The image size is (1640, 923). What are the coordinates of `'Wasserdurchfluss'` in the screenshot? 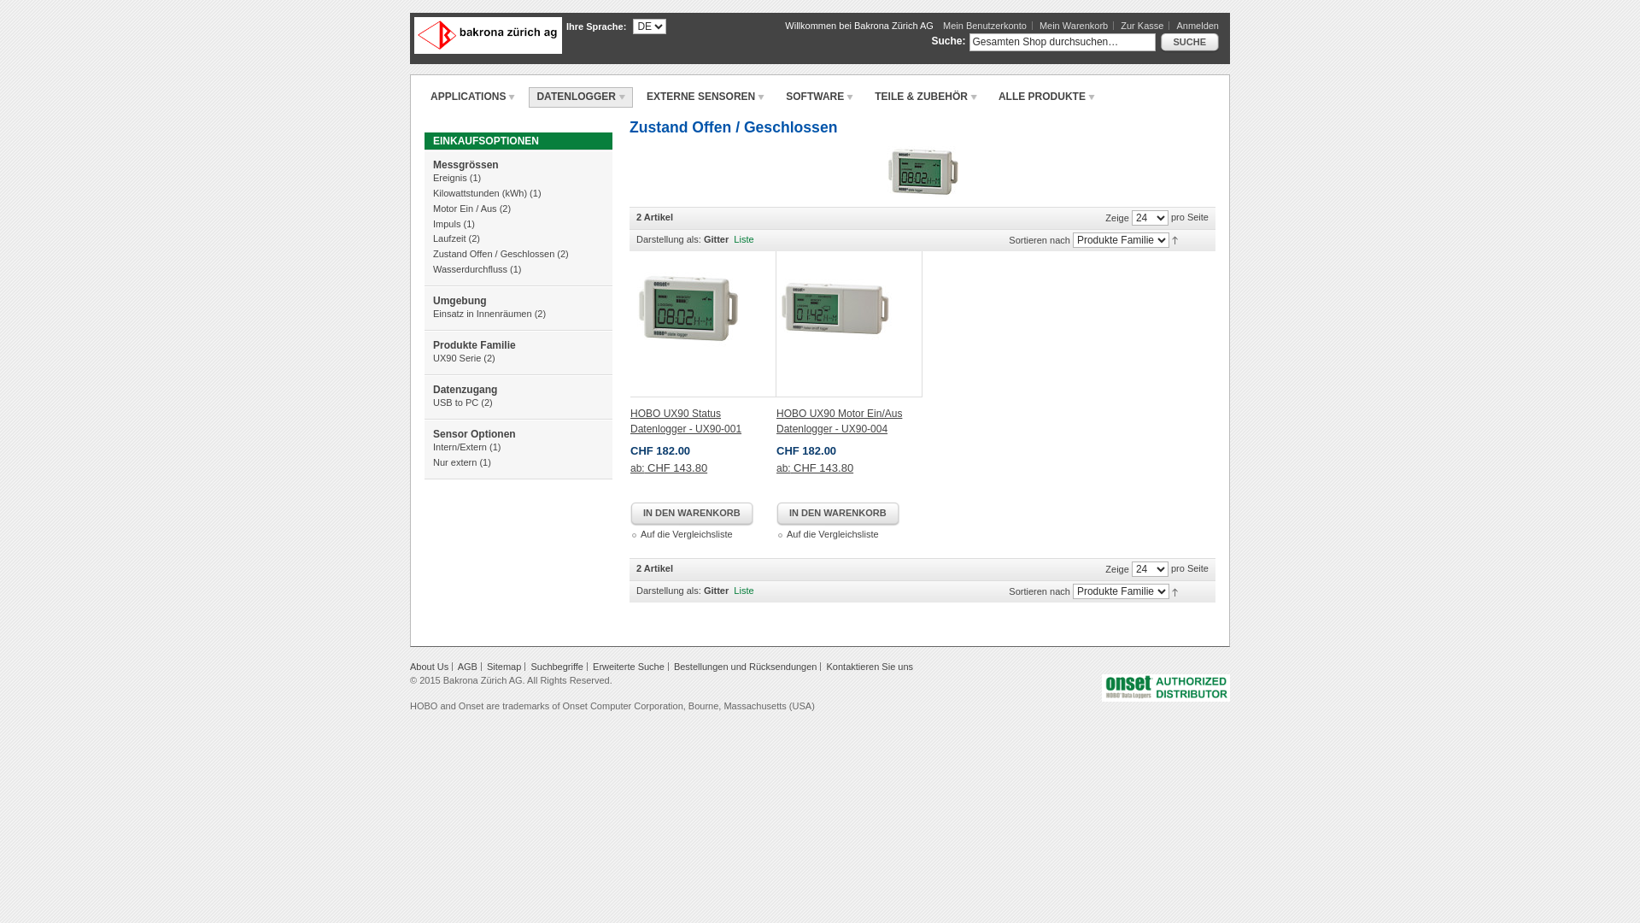 It's located at (433, 269).